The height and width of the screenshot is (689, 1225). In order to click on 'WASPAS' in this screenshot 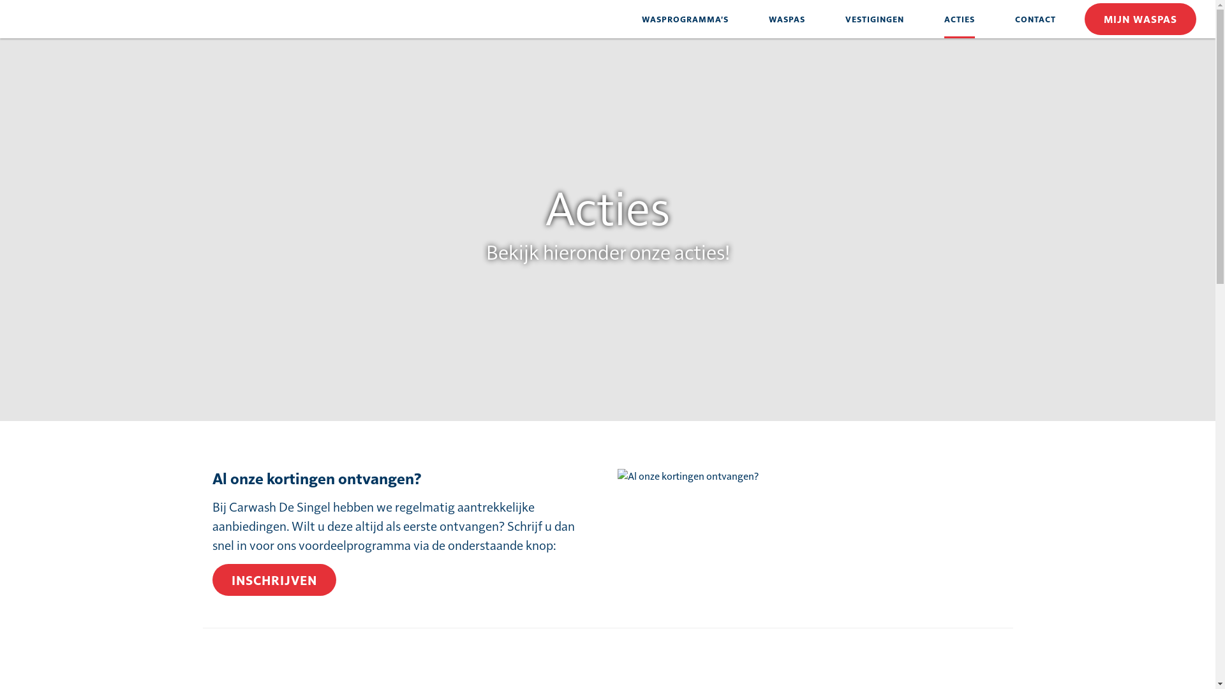, I will do `click(786, 19)`.